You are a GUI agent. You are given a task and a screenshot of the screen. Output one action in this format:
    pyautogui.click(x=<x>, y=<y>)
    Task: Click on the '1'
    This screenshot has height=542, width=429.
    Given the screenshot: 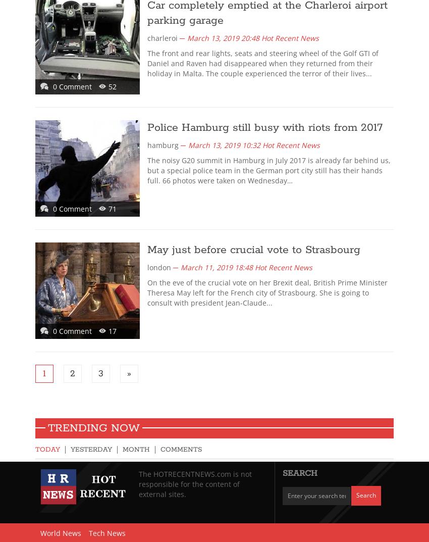 What is the action you would take?
    pyautogui.click(x=43, y=373)
    